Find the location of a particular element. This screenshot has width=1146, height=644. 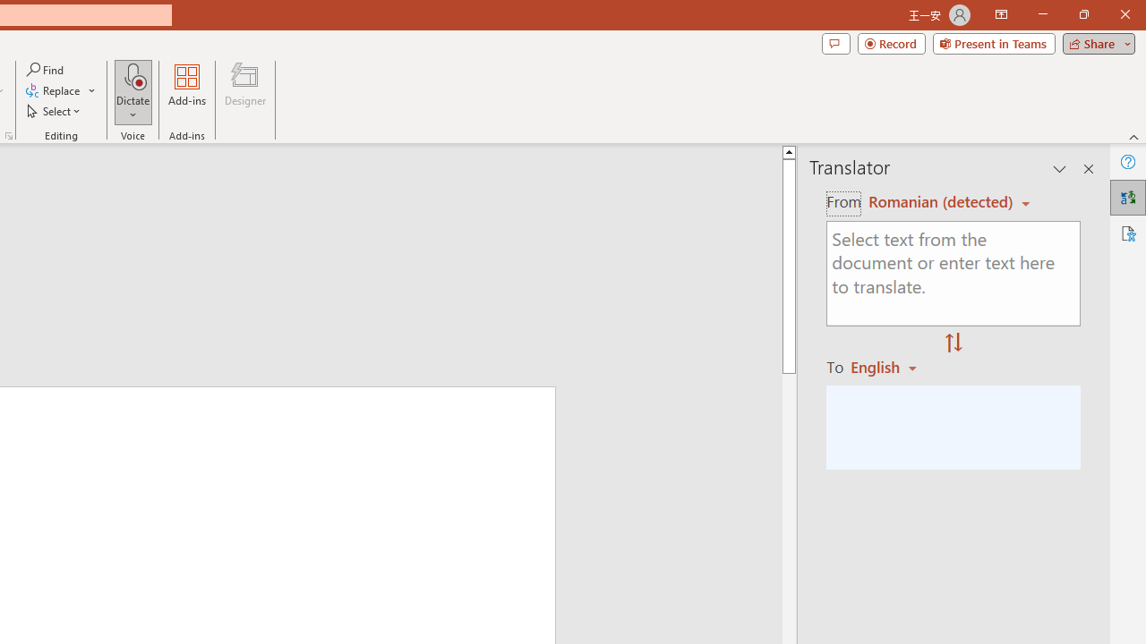

'Task Pane Options' is located at coordinates (1060, 169).